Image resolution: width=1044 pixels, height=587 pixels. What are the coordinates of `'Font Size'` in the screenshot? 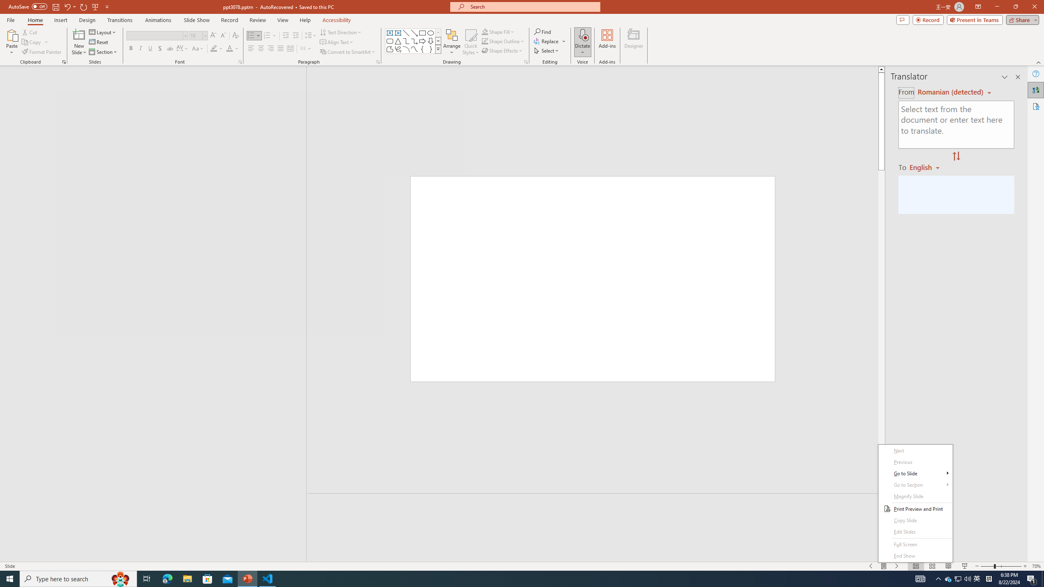 It's located at (198, 35).